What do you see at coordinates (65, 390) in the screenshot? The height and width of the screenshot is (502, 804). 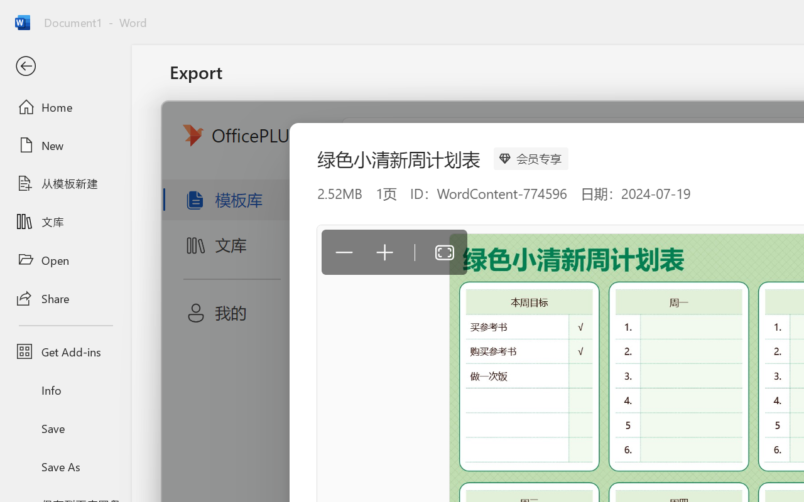 I see `'Info'` at bounding box center [65, 390].